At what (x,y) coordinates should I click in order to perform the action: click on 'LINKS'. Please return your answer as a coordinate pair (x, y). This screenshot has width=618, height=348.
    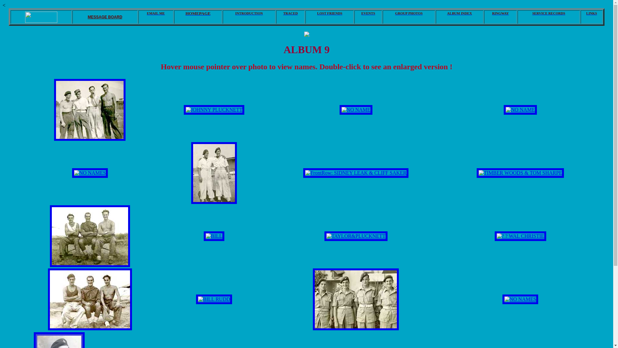
    Looking at the image, I should click on (591, 13).